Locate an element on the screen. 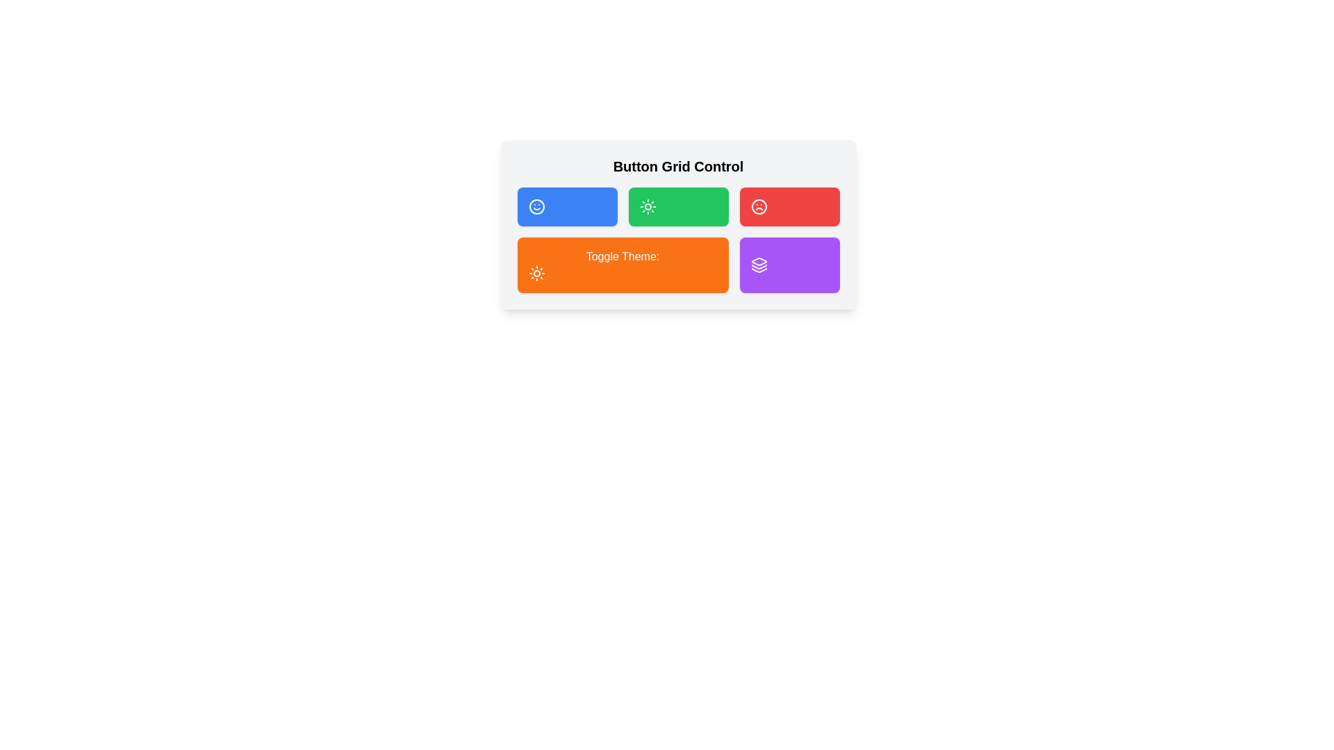 The height and width of the screenshot is (750, 1334). the rounded rectangular button with an orange background and white text reading 'Toggle Theme:' is located at coordinates (622, 265).